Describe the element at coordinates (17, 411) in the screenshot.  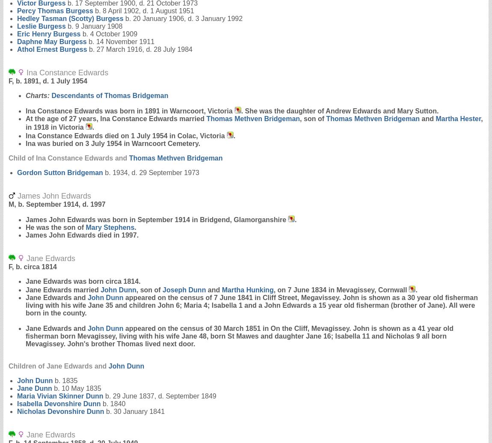
I see `'Nicholas Devonshire'` at that location.